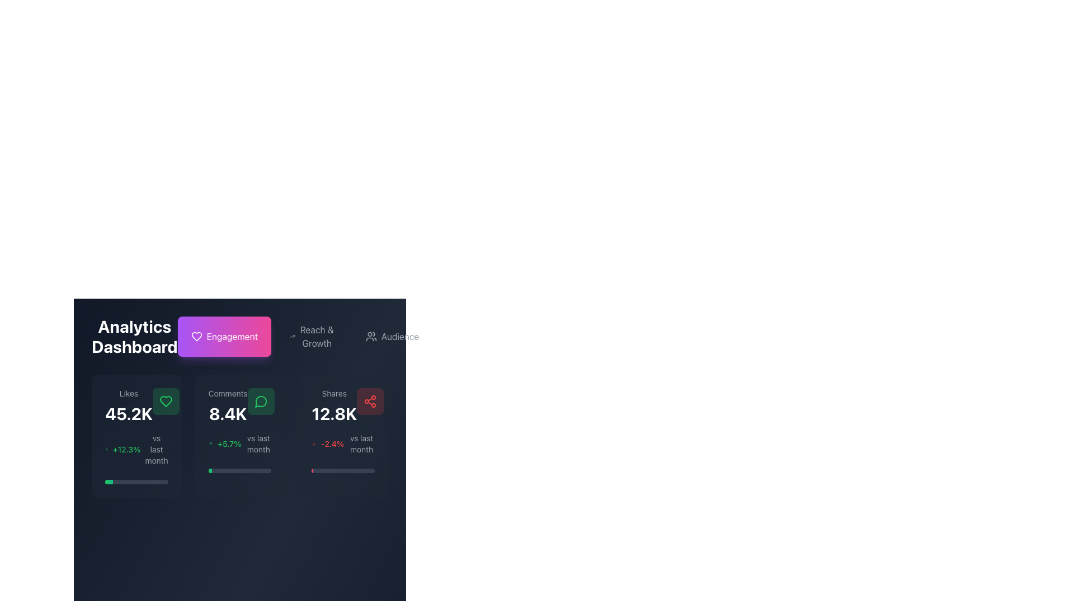 The image size is (1074, 604). What do you see at coordinates (227, 414) in the screenshot?
I see `displayed value '8.4K' from the prominent numeric text label located in the 'Comments' section of the analytics dashboard` at bounding box center [227, 414].